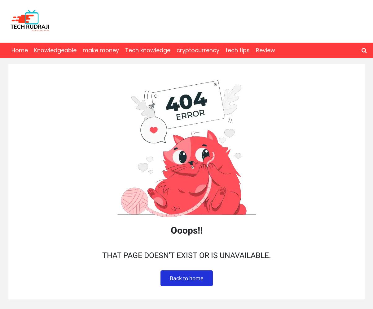 This screenshot has height=309, width=373. I want to click on 'Tech knowledge', so click(148, 50).